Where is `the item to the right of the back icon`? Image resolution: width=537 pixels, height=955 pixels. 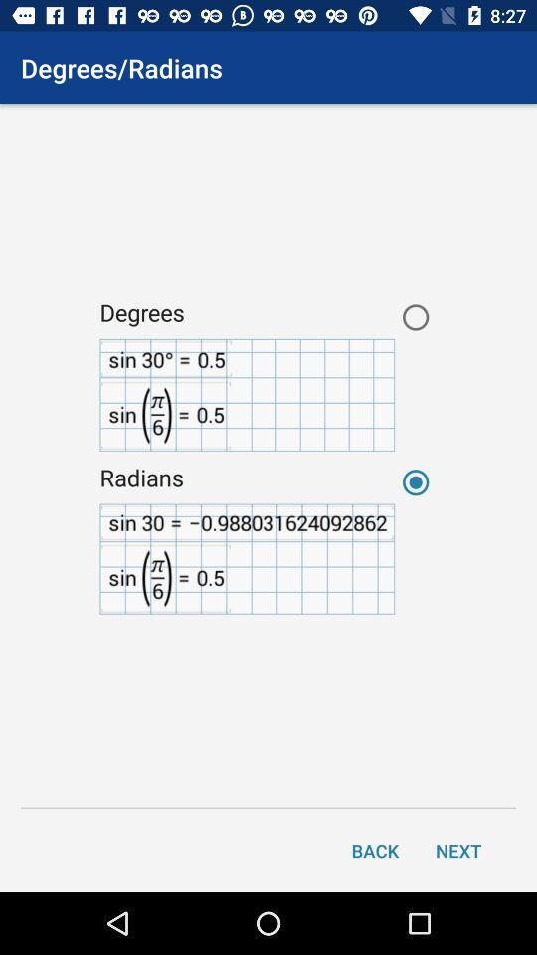
the item to the right of the back icon is located at coordinates (458, 849).